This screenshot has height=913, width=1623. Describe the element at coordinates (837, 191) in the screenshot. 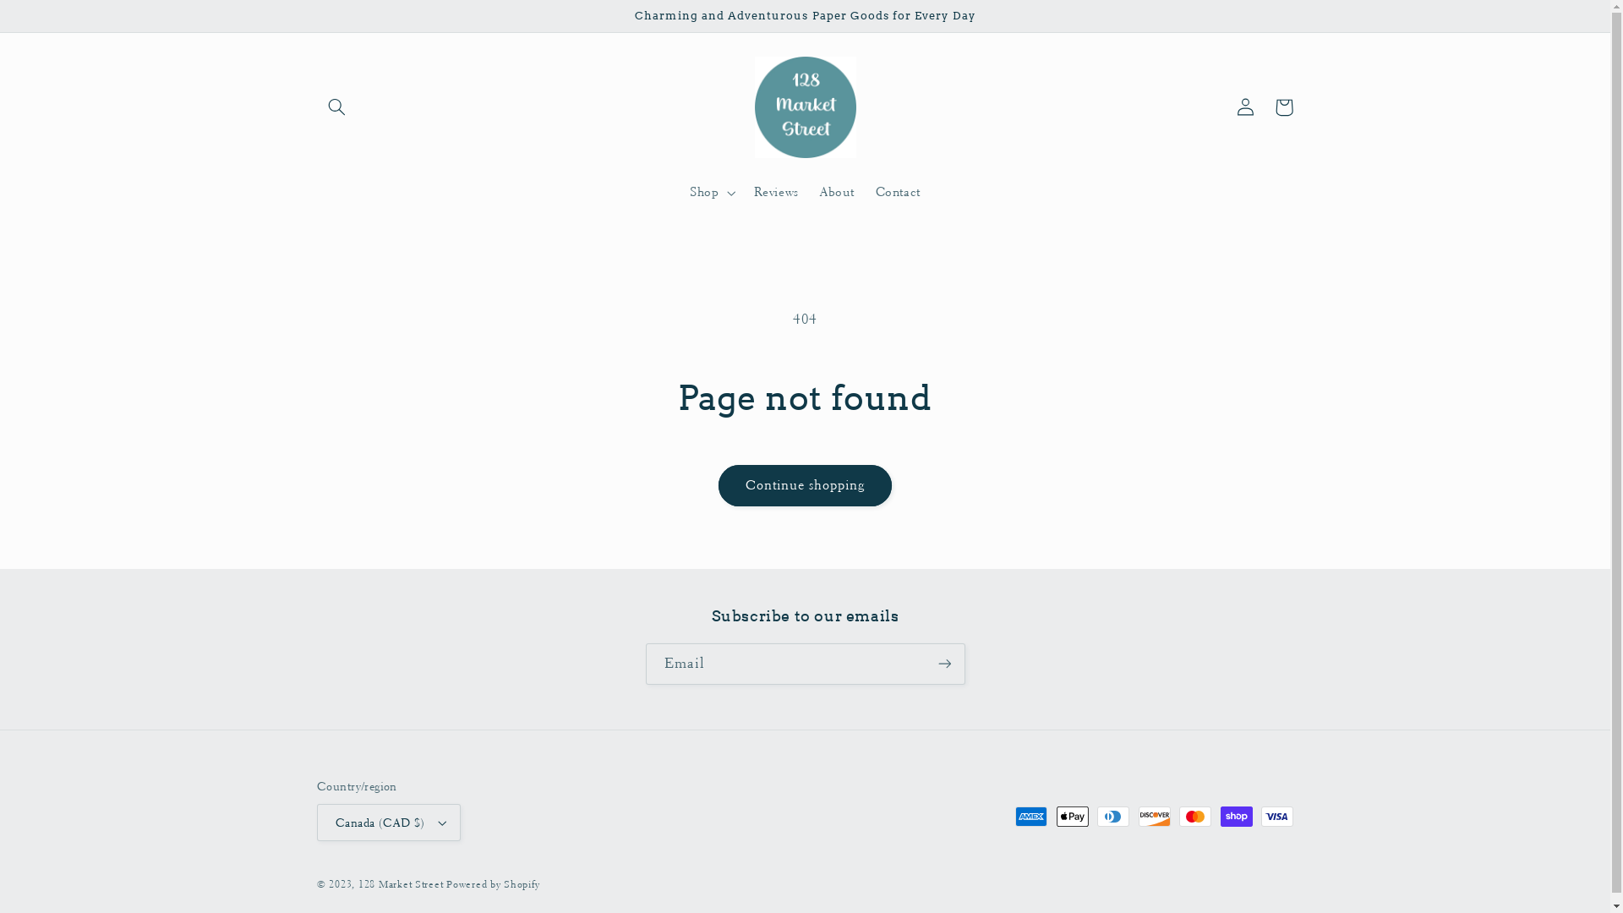

I see `'About'` at that location.